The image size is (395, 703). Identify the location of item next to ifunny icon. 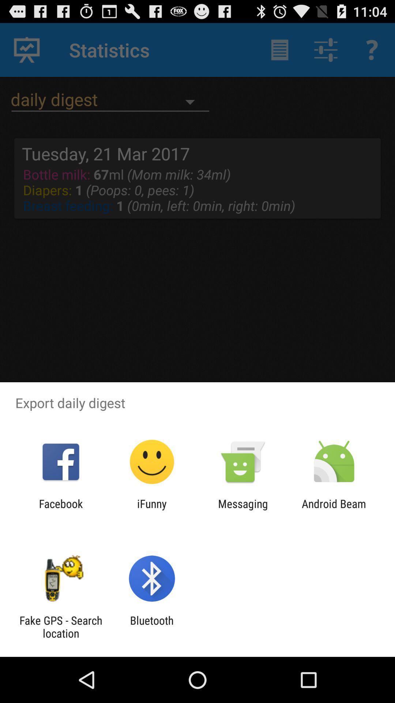
(243, 510).